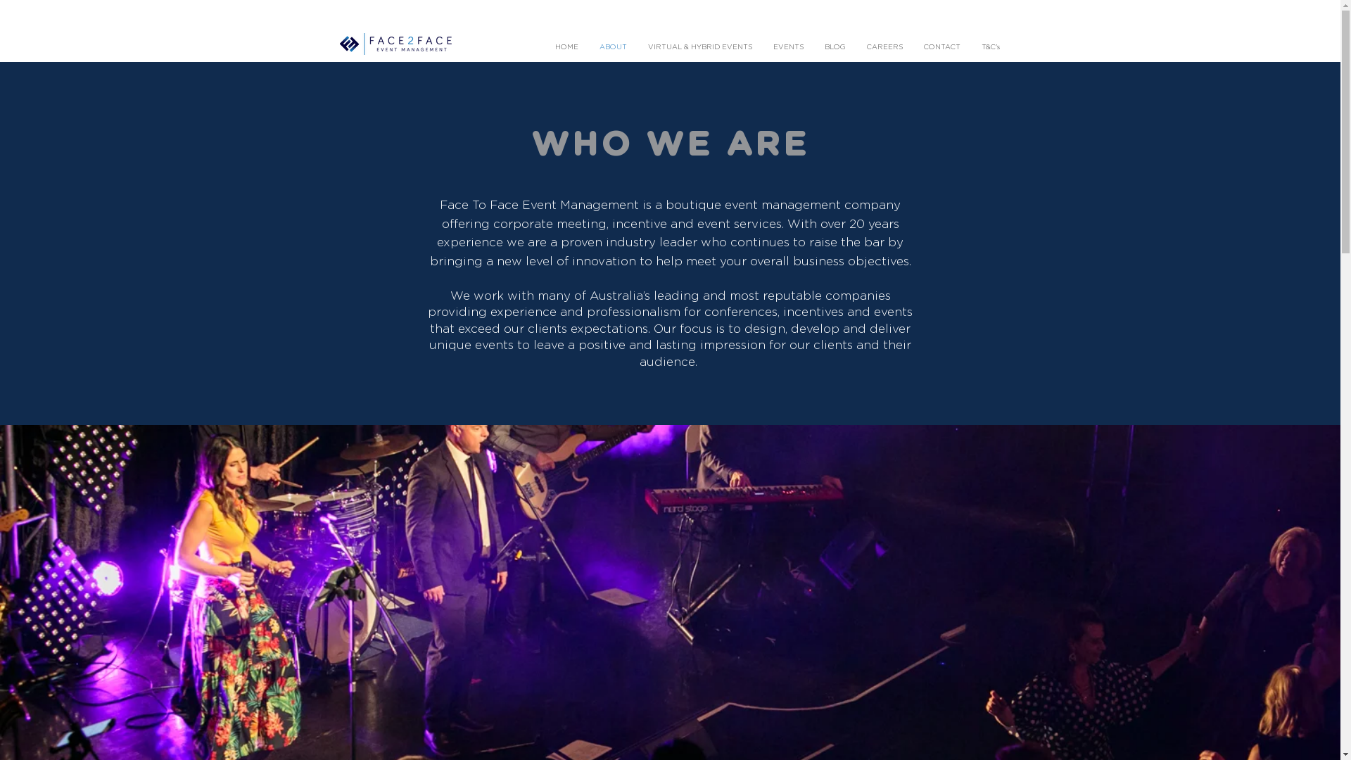  Describe the element at coordinates (612, 46) in the screenshot. I see `'ABOUT'` at that location.